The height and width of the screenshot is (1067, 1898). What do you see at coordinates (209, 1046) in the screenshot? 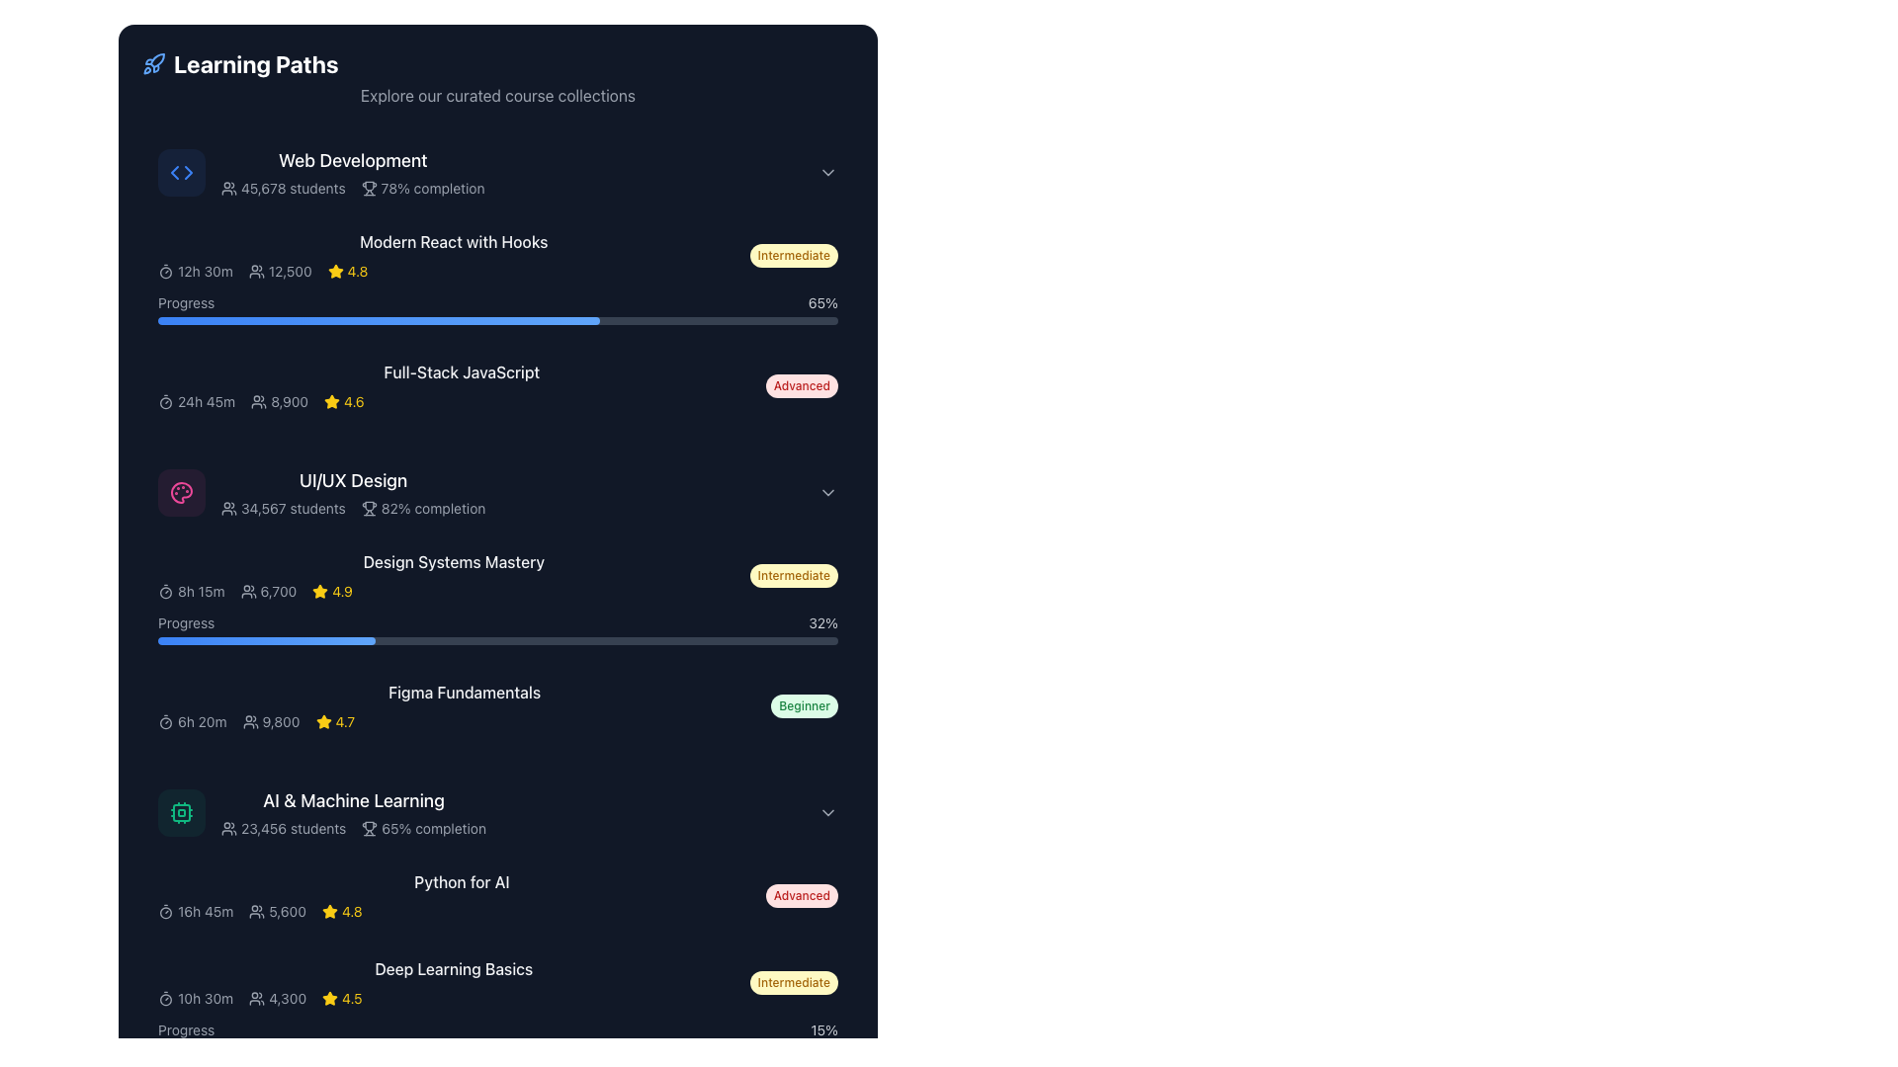
I see `the Progress Indicator, which is a smooth, rounded horizontal bar styled with a gradient from dark blue to light blue, located at the bottom of the 'AI & Machine Learning' section` at bounding box center [209, 1046].